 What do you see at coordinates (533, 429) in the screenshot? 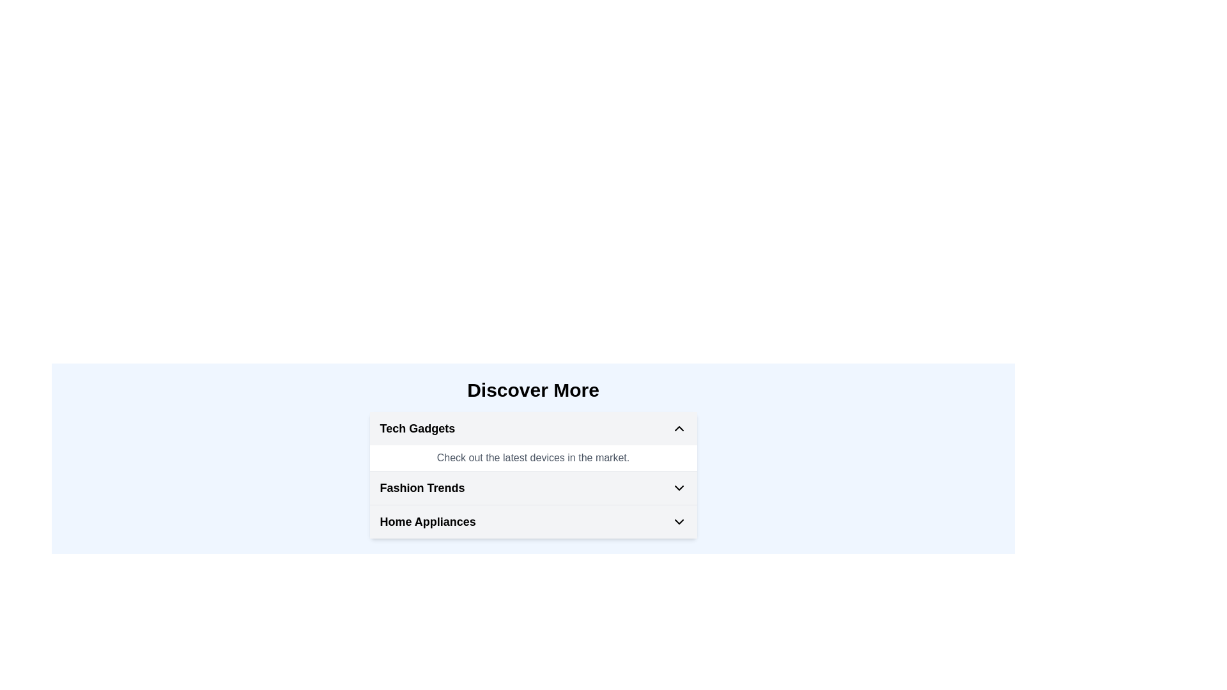
I see `the first button in the vertical stack of tabs` at bounding box center [533, 429].